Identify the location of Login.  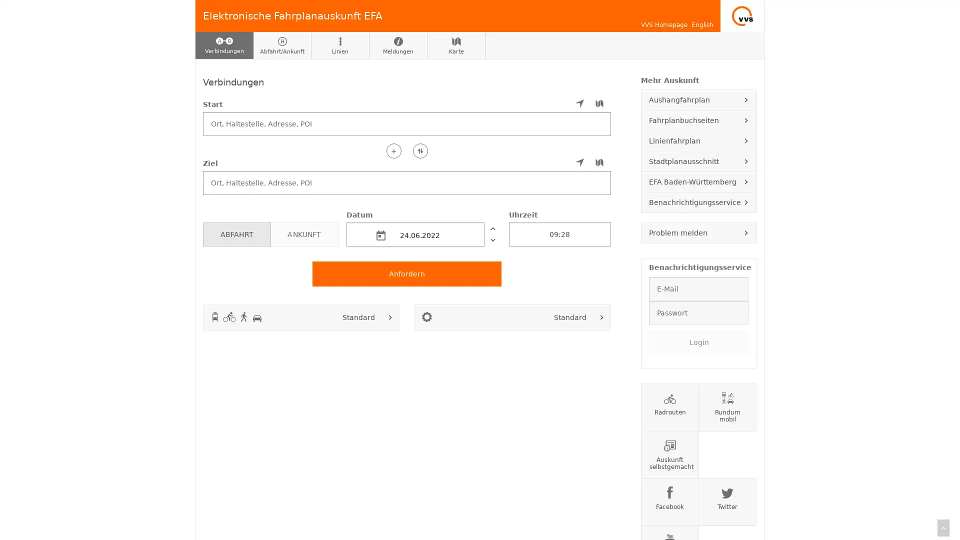
(698, 341).